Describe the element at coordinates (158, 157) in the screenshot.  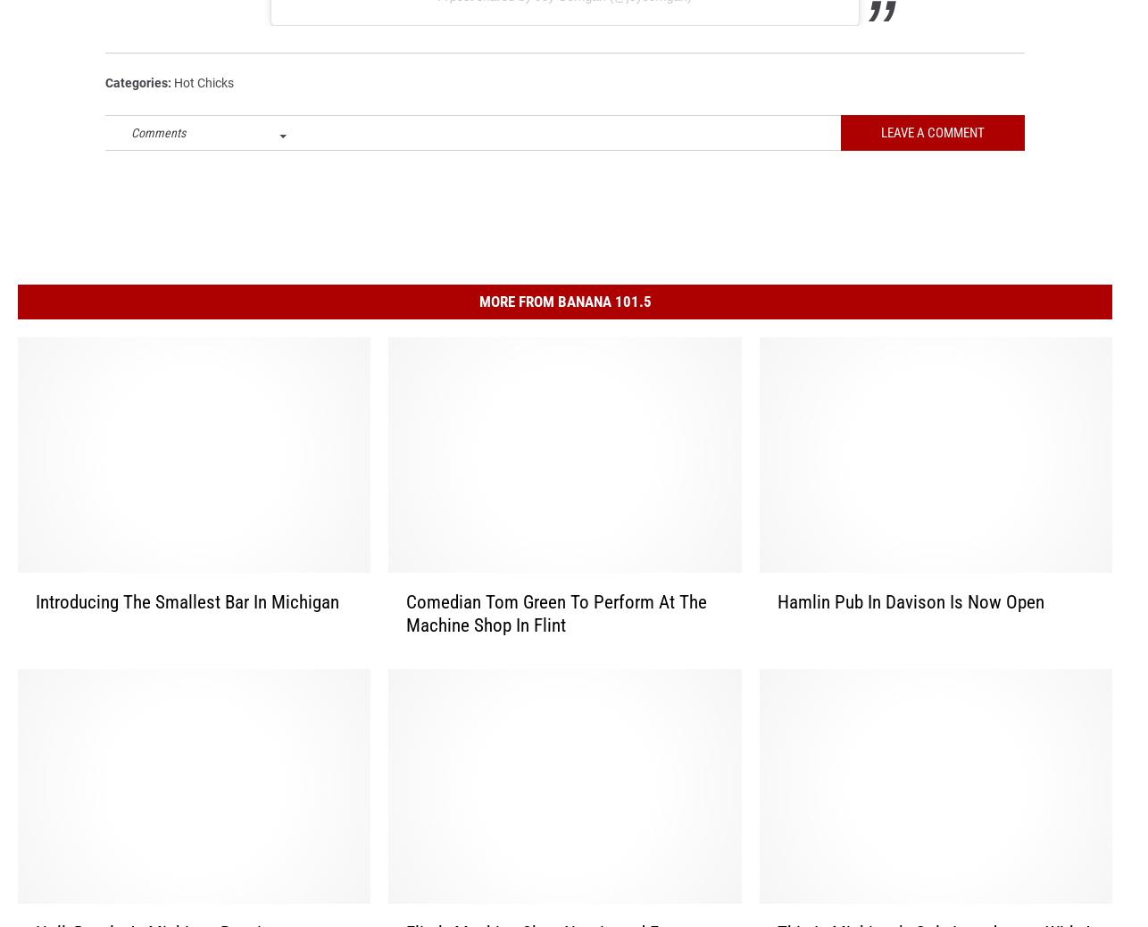
I see `'Comments'` at that location.